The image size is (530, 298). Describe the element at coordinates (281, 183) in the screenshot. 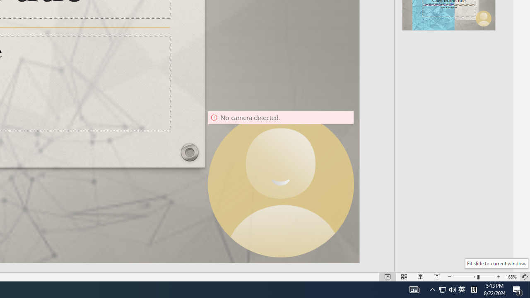

I see `'Camera 9, No camera detected.'` at that location.